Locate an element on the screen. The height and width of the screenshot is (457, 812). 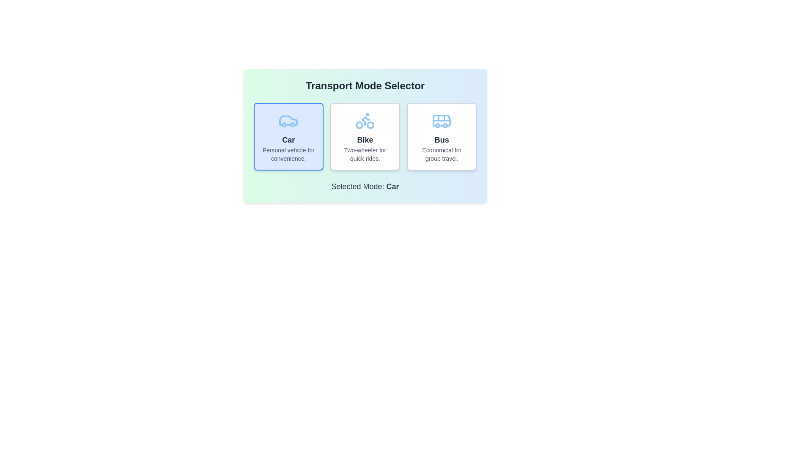
the 'Bike' card is located at coordinates (365, 136).